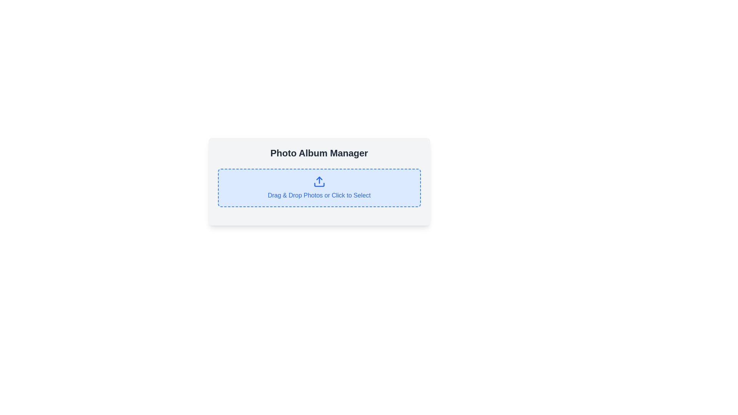 This screenshot has height=415, width=738. Describe the element at coordinates (319, 195) in the screenshot. I see `the text element displaying 'Drag & Drop Photos or Click to Select' which is located under the upload icon in the Photo Album Manager section` at that location.